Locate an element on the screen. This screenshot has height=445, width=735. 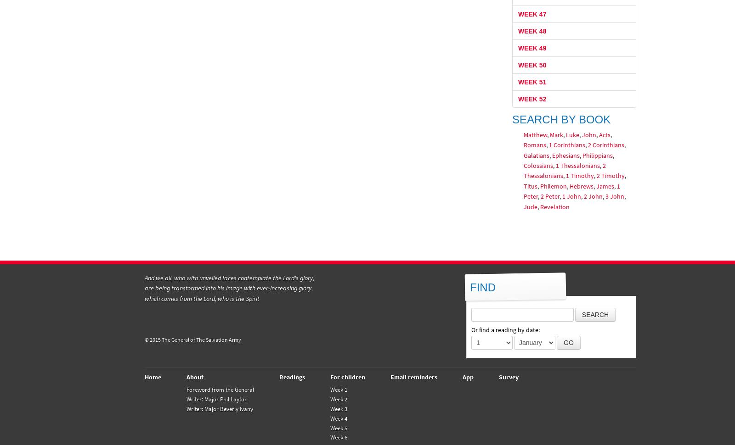
'Email reminders' is located at coordinates (413, 377).